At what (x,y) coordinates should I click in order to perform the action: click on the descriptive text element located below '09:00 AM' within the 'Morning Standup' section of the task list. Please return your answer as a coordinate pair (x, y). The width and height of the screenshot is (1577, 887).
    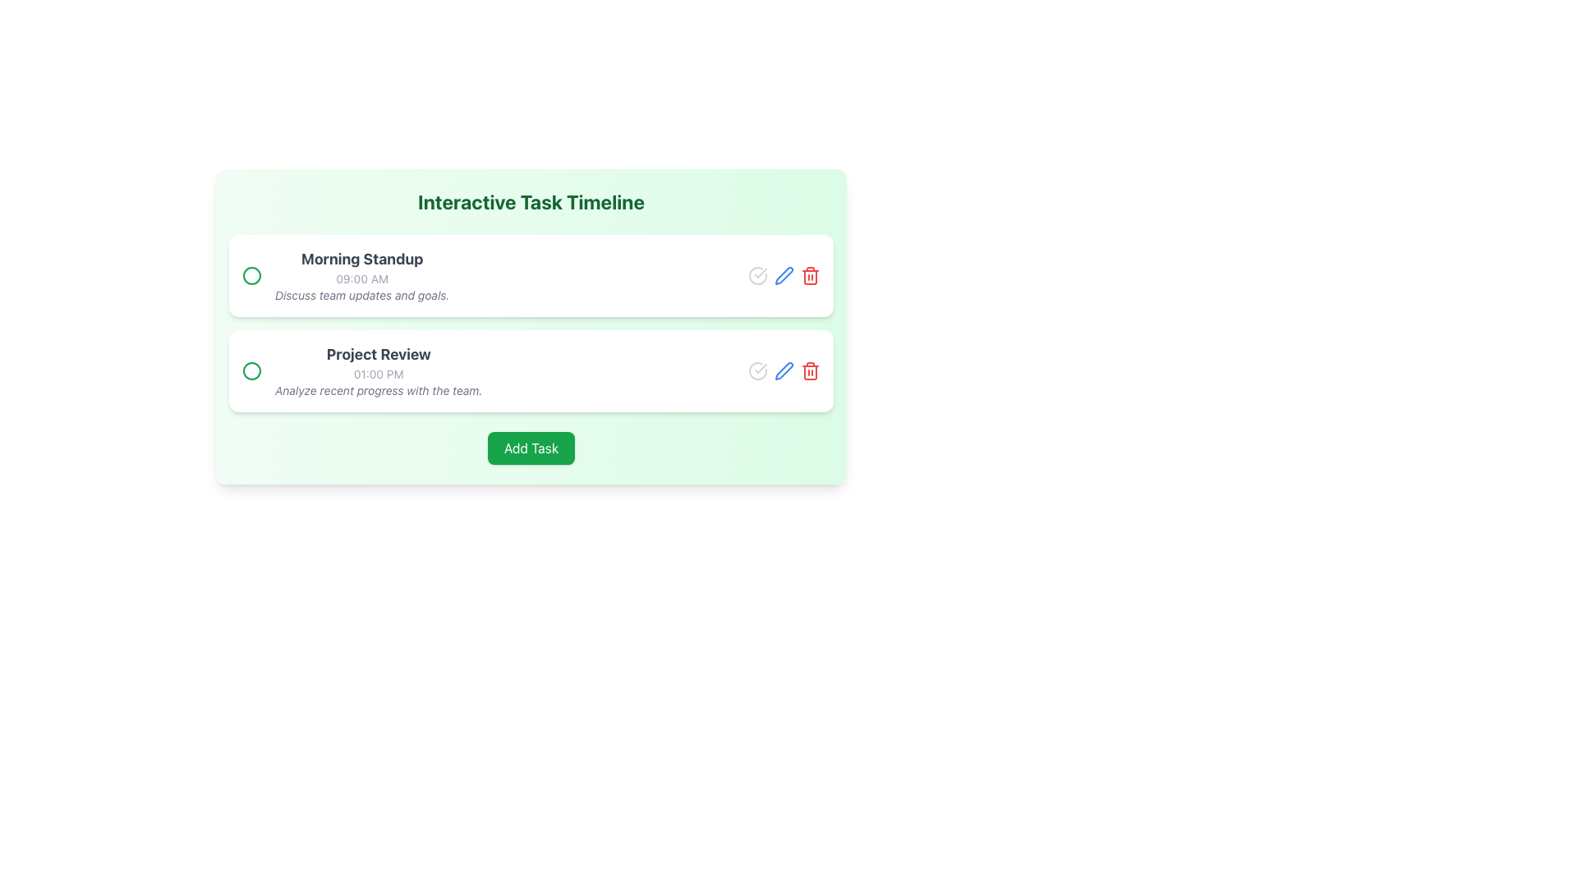
    Looking at the image, I should click on (361, 294).